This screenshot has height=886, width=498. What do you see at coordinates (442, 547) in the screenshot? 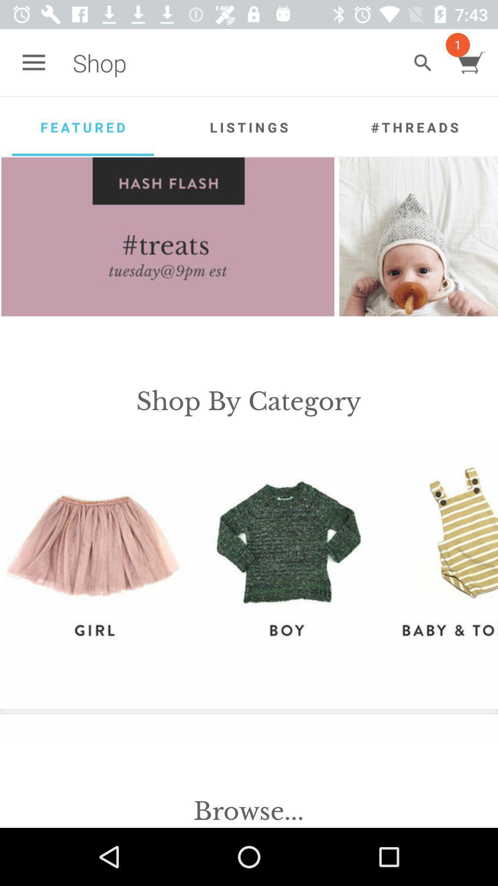
I see `the icon on the right` at bounding box center [442, 547].